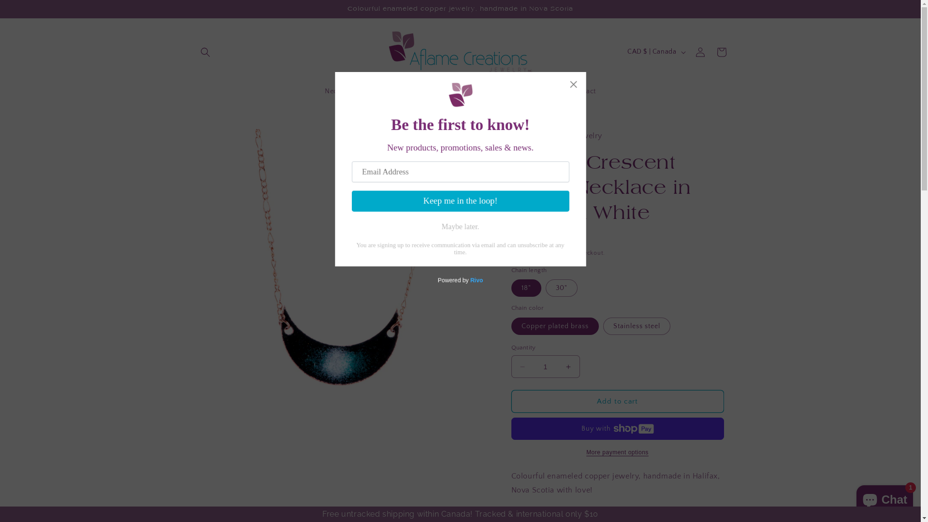  I want to click on 'Wholesale', so click(542, 91).